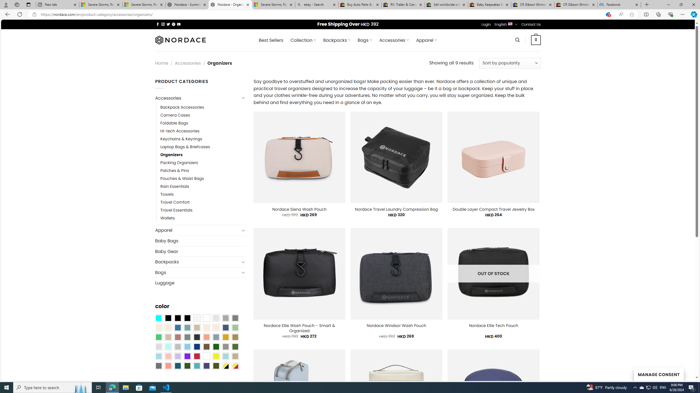 This screenshot has height=393, width=700. What do you see at coordinates (5, 4) in the screenshot?
I see `'Personal Profile'` at bounding box center [5, 4].